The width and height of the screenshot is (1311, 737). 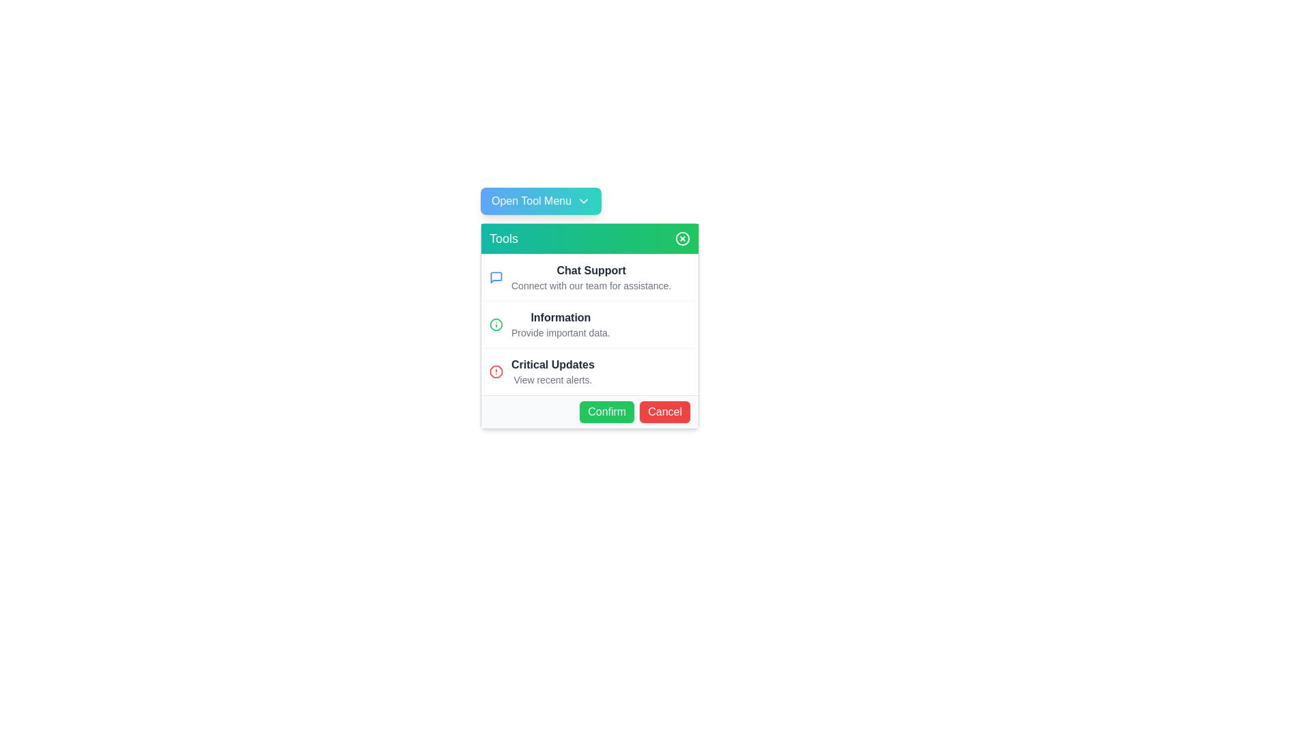 What do you see at coordinates (590, 326) in the screenshot?
I see `the 'Information' button-like list item, which is the second option under the 'Tools' menu` at bounding box center [590, 326].